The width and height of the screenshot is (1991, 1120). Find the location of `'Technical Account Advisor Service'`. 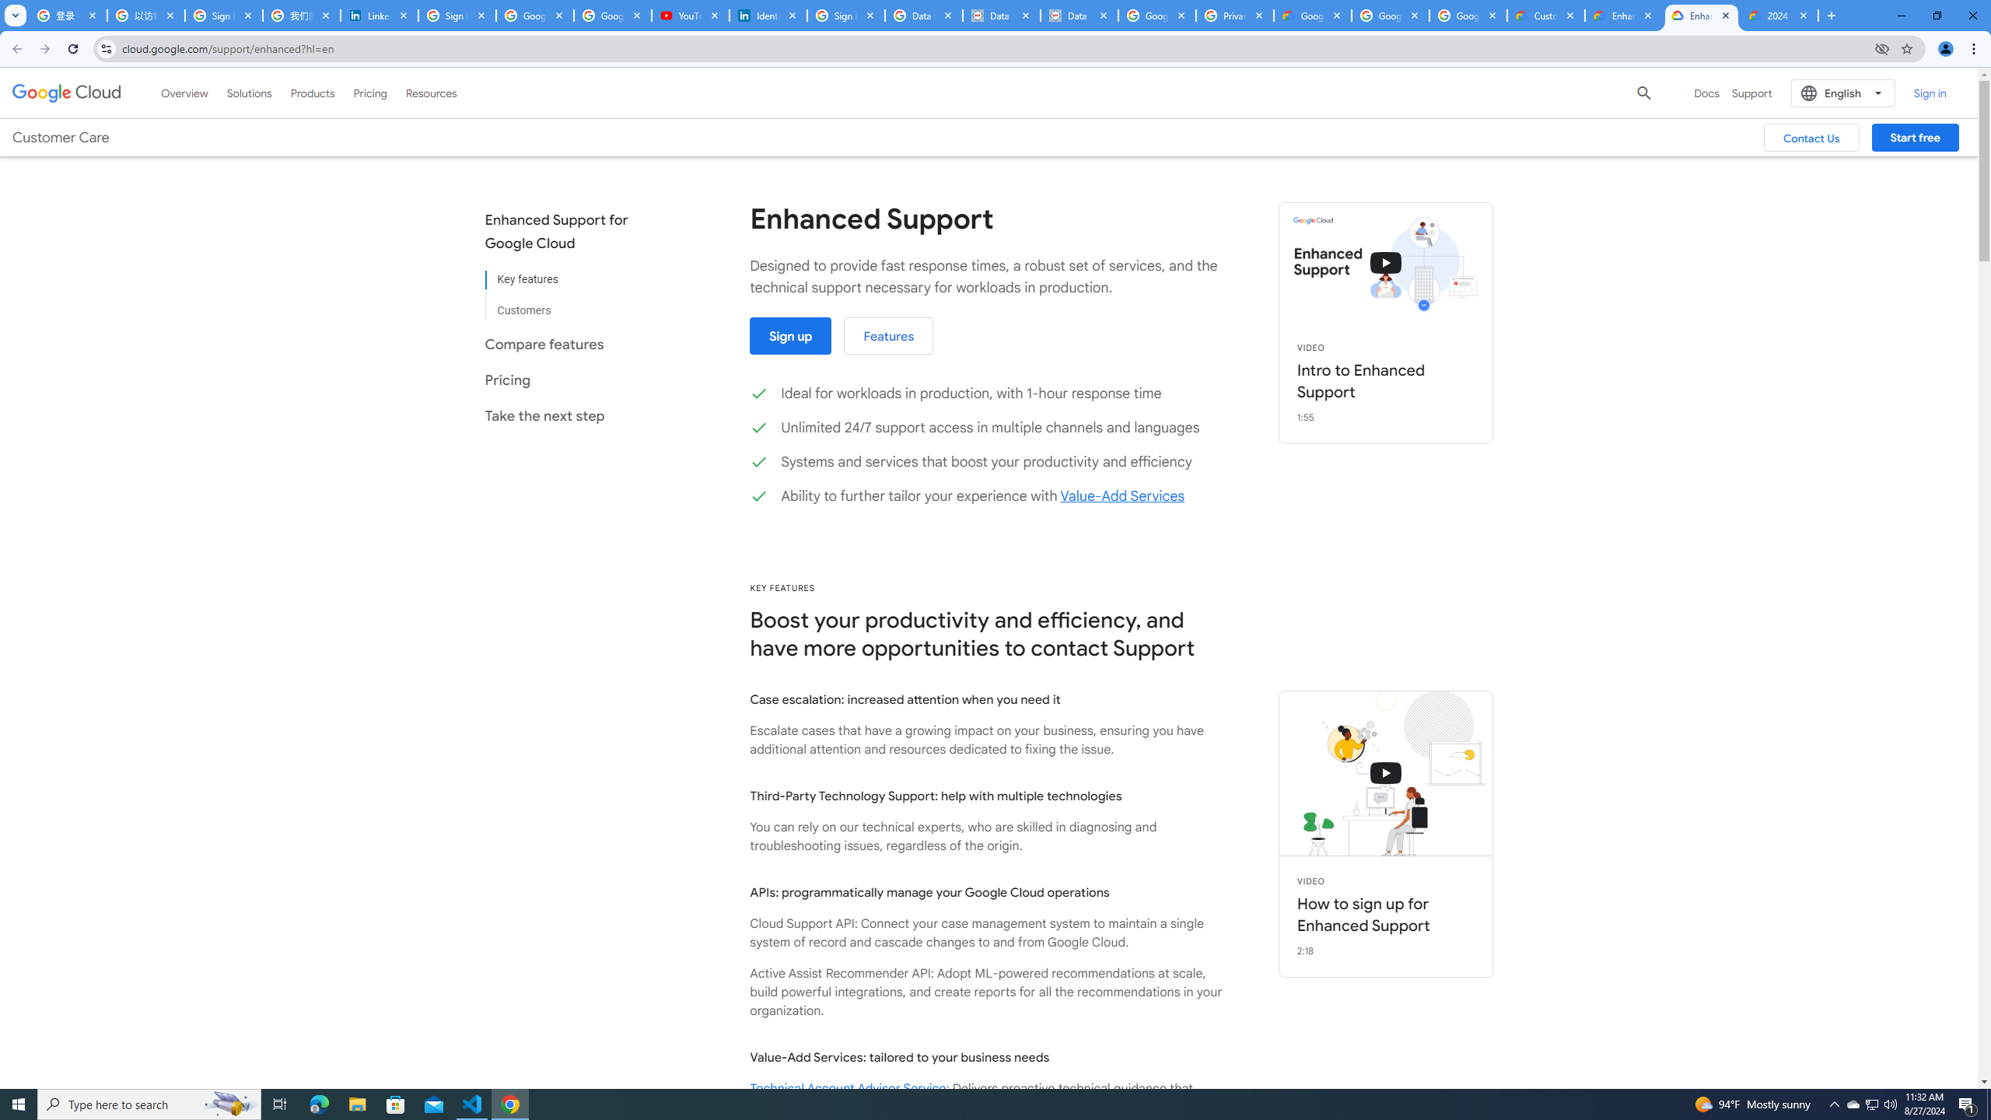

'Technical Account Advisor Service' is located at coordinates (847, 1087).